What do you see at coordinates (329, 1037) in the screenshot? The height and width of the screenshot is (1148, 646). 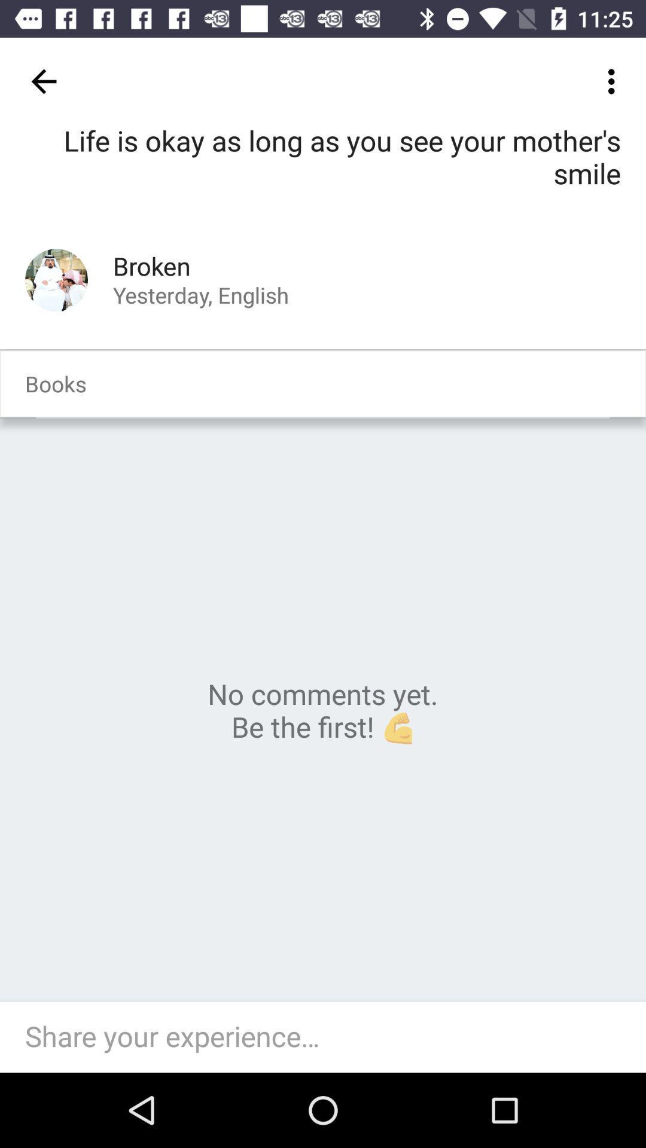 I see `share your experience` at bounding box center [329, 1037].